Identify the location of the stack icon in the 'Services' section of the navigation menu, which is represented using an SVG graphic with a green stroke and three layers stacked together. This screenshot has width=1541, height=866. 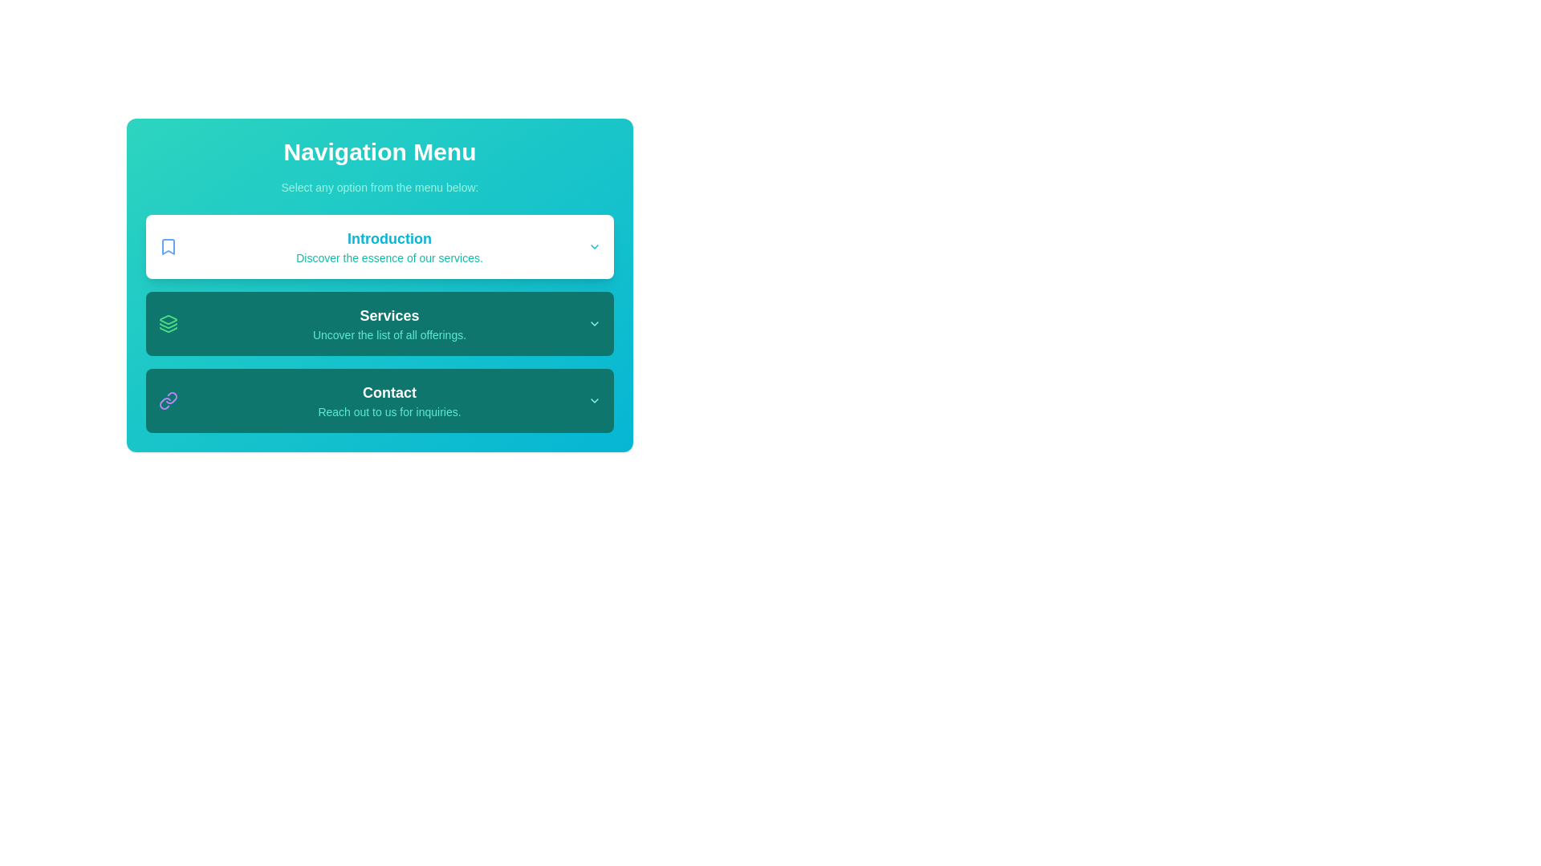
(169, 324).